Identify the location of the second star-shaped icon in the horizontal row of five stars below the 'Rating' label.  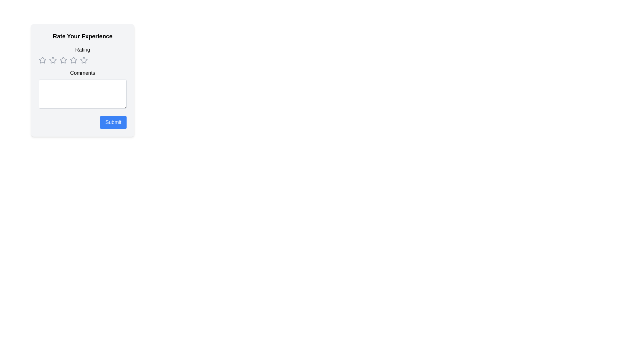
(63, 60).